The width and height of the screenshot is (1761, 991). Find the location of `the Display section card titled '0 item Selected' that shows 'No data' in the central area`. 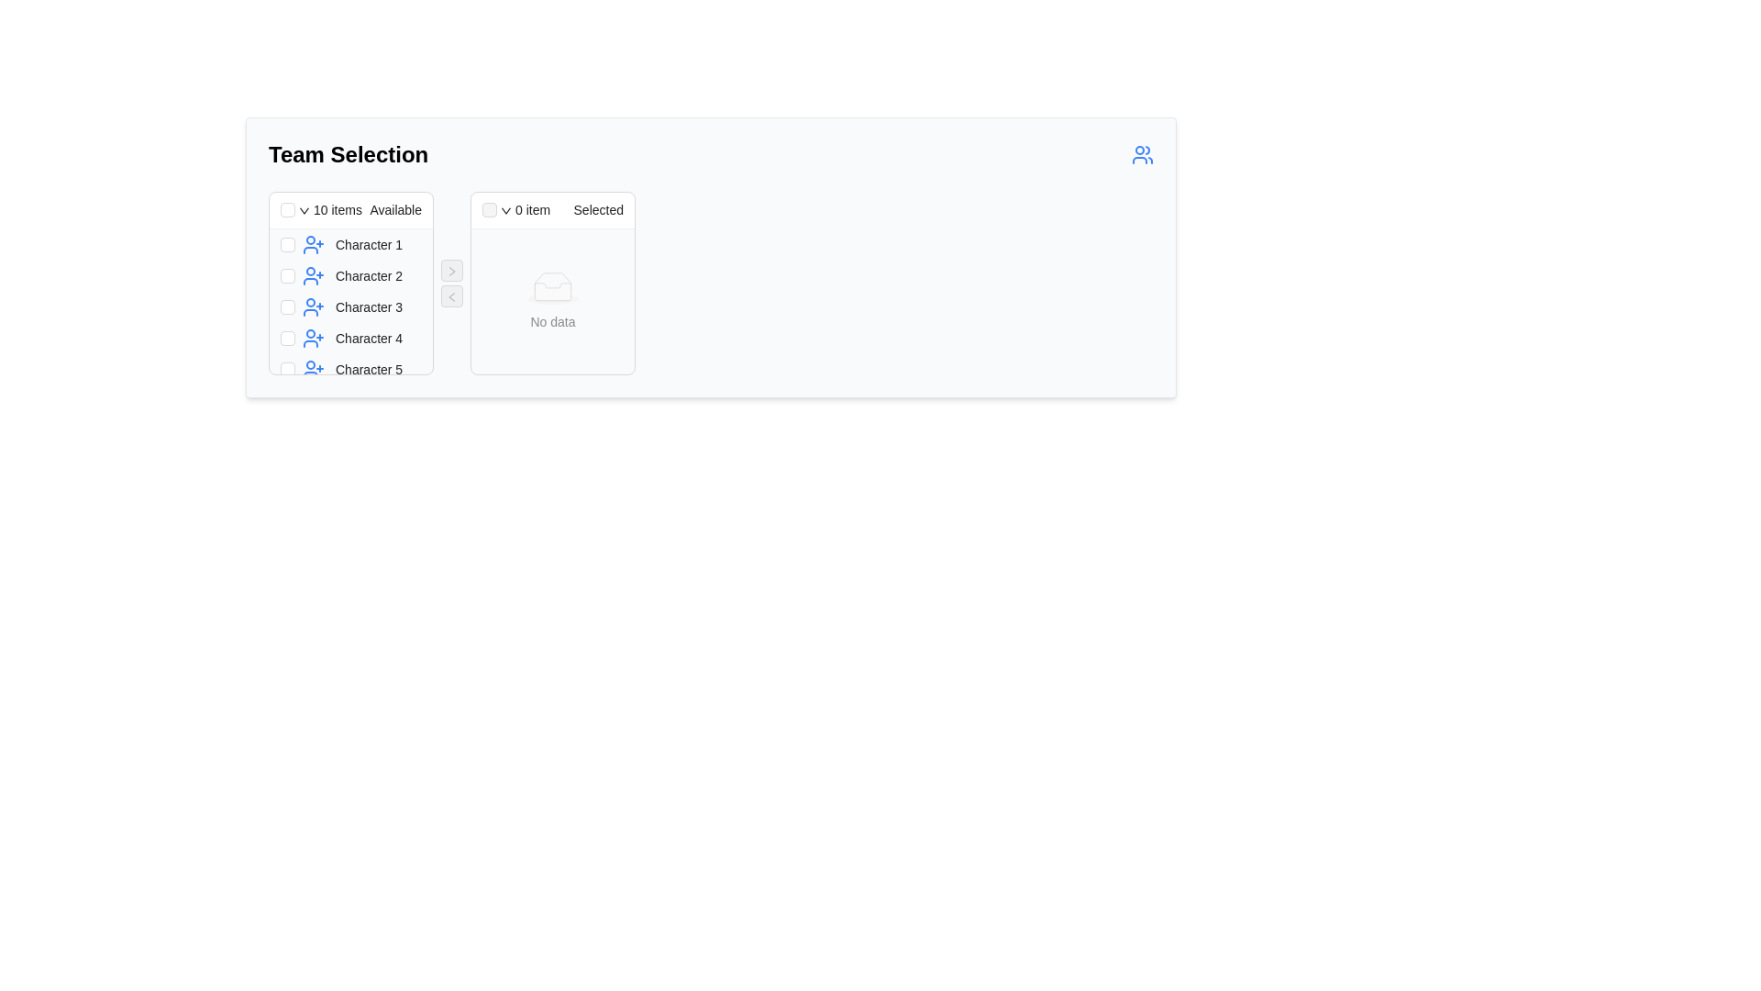

the Display section card titled '0 item Selected' that shows 'No data' in the central area is located at coordinates (552, 283).